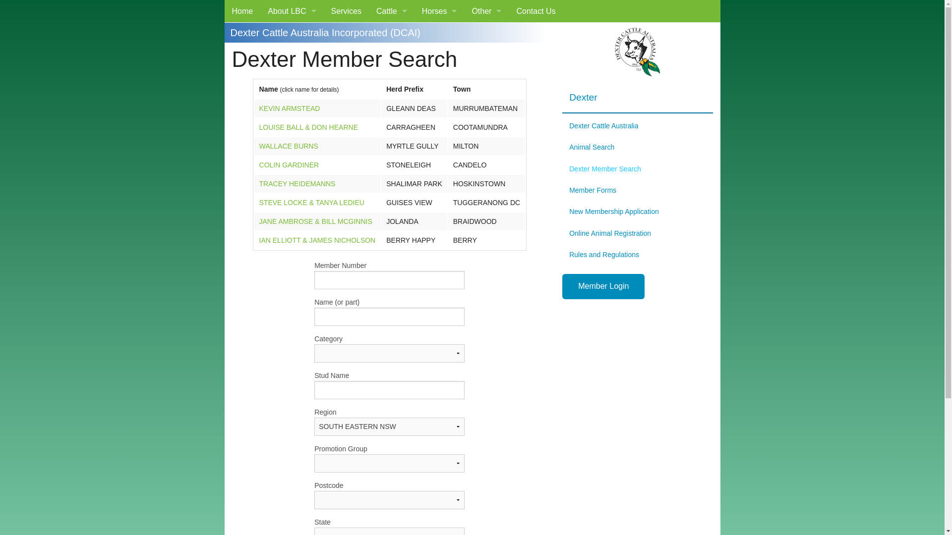  I want to click on 'Services', so click(346, 11).